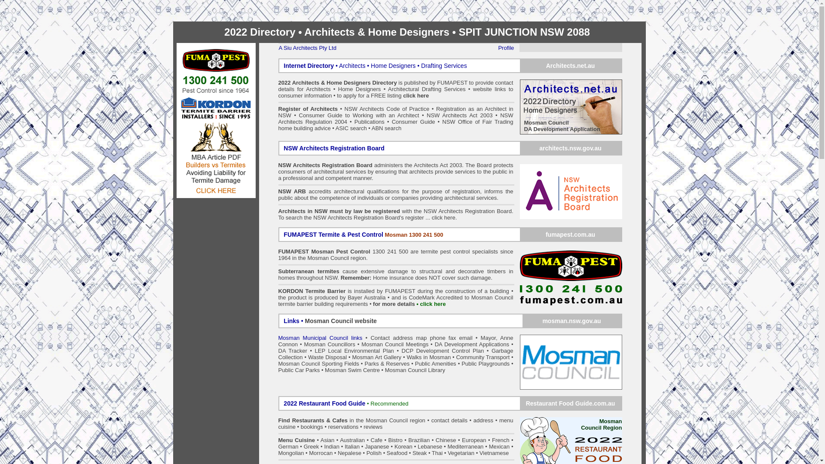 The width and height of the screenshot is (825, 464). What do you see at coordinates (395, 112) in the screenshot?
I see `'Registration as an Architect in NSW'` at bounding box center [395, 112].